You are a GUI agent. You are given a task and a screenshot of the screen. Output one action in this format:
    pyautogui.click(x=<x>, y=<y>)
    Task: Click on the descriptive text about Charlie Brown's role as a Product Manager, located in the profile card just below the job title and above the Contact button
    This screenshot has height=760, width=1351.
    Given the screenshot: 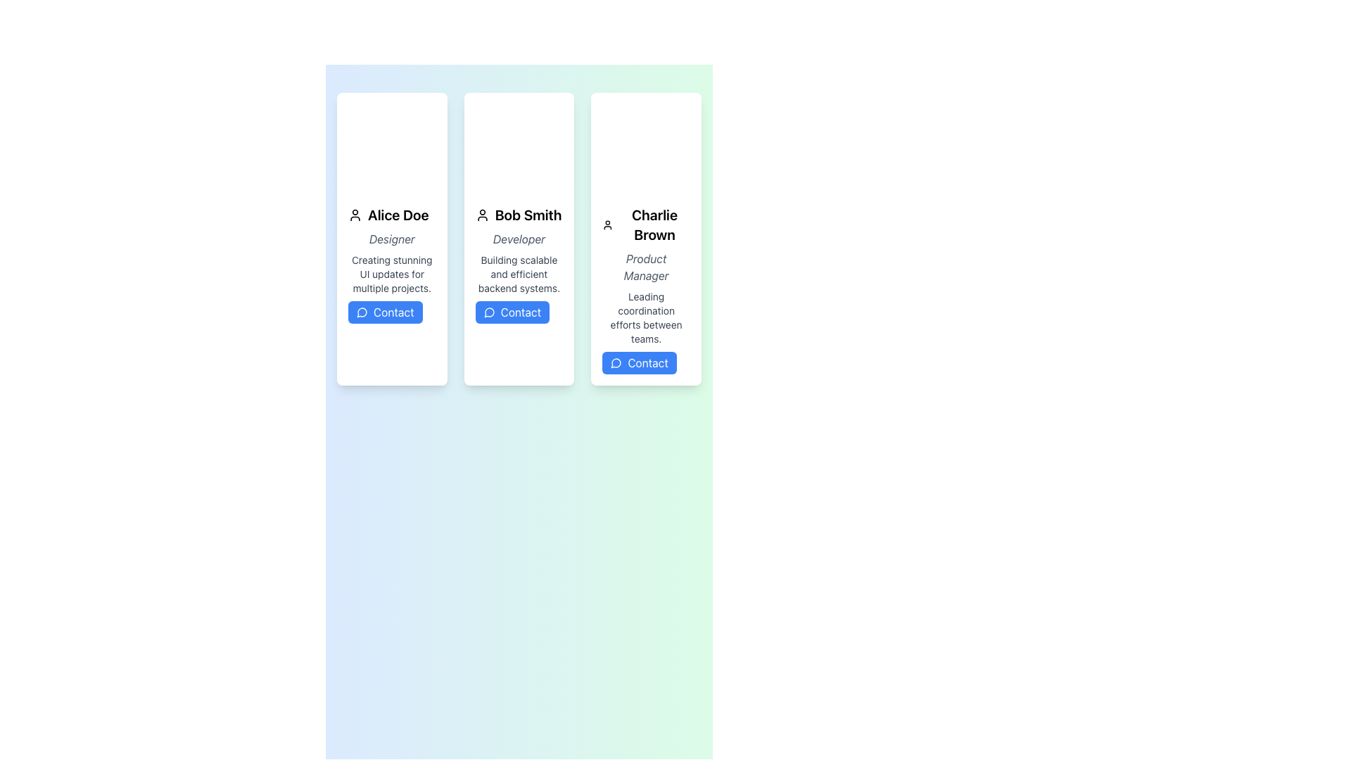 What is the action you would take?
    pyautogui.click(x=645, y=317)
    